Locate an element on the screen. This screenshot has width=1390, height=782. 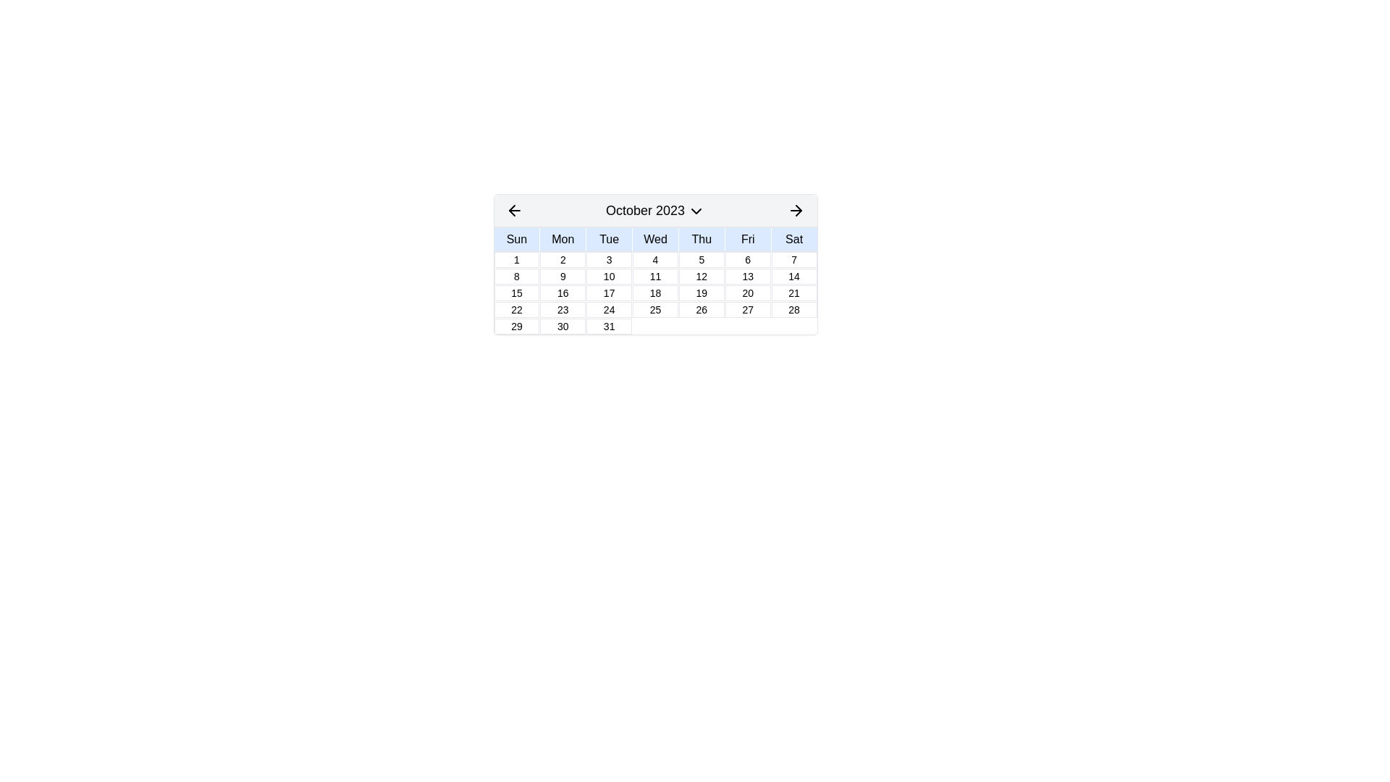
the Static Text Label displaying 'Sat' with a blue background, located at the far right of the weekly view row is located at coordinates (793, 239).